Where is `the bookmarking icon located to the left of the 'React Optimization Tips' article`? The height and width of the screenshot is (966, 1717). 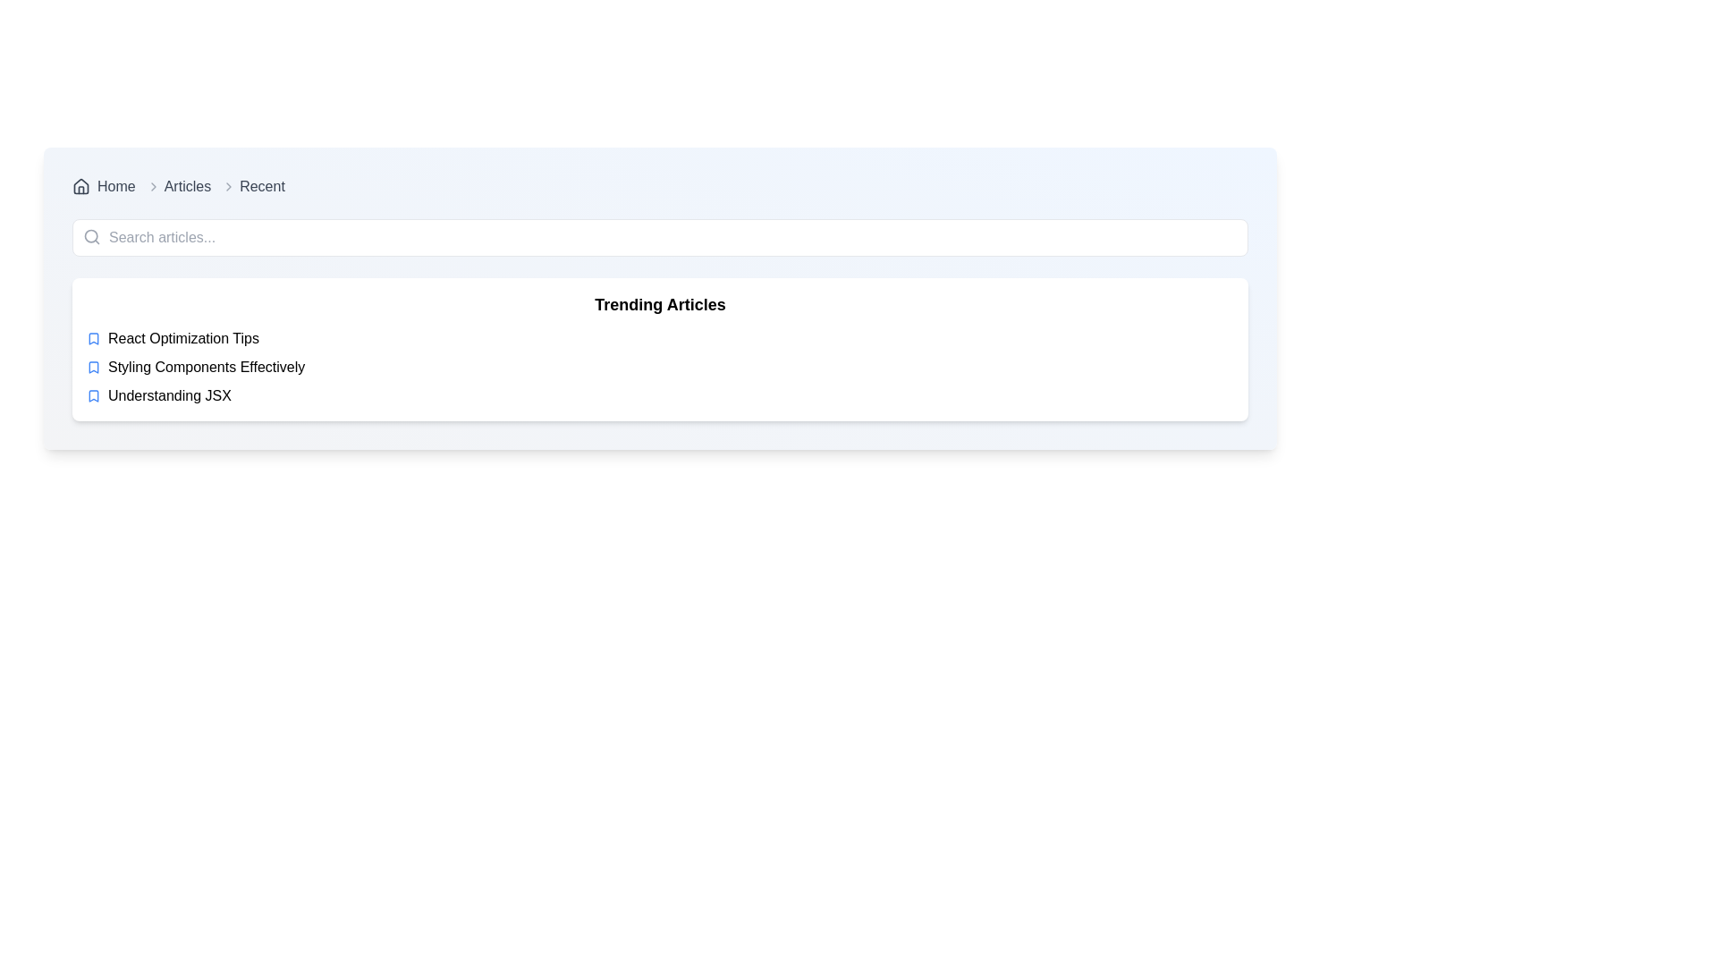
the bookmarking icon located to the left of the 'React Optimization Tips' article is located at coordinates (93, 338).